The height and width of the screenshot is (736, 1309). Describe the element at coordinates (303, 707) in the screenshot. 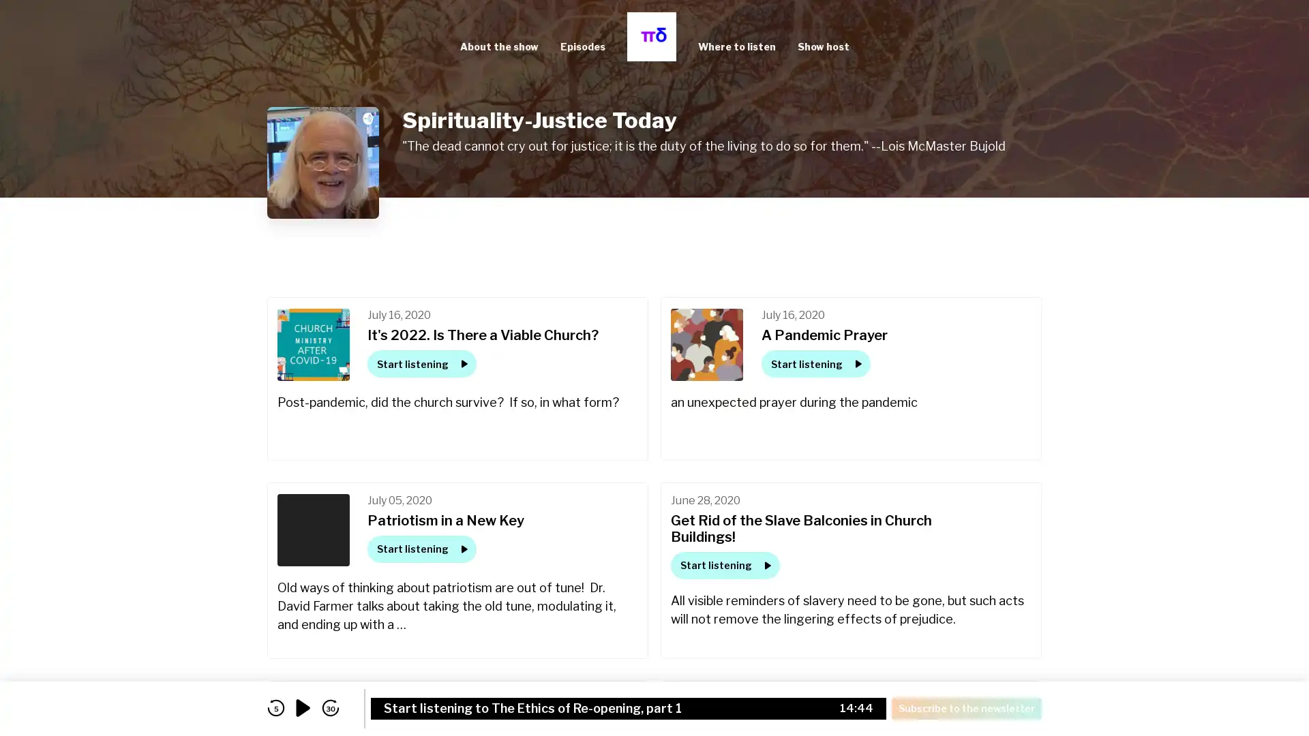

I see `play audio` at that location.